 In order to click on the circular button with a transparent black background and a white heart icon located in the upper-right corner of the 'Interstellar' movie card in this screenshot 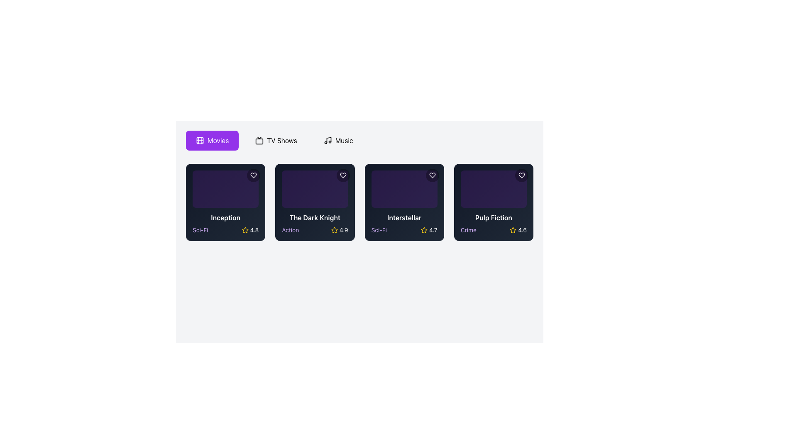, I will do `click(432, 175)`.